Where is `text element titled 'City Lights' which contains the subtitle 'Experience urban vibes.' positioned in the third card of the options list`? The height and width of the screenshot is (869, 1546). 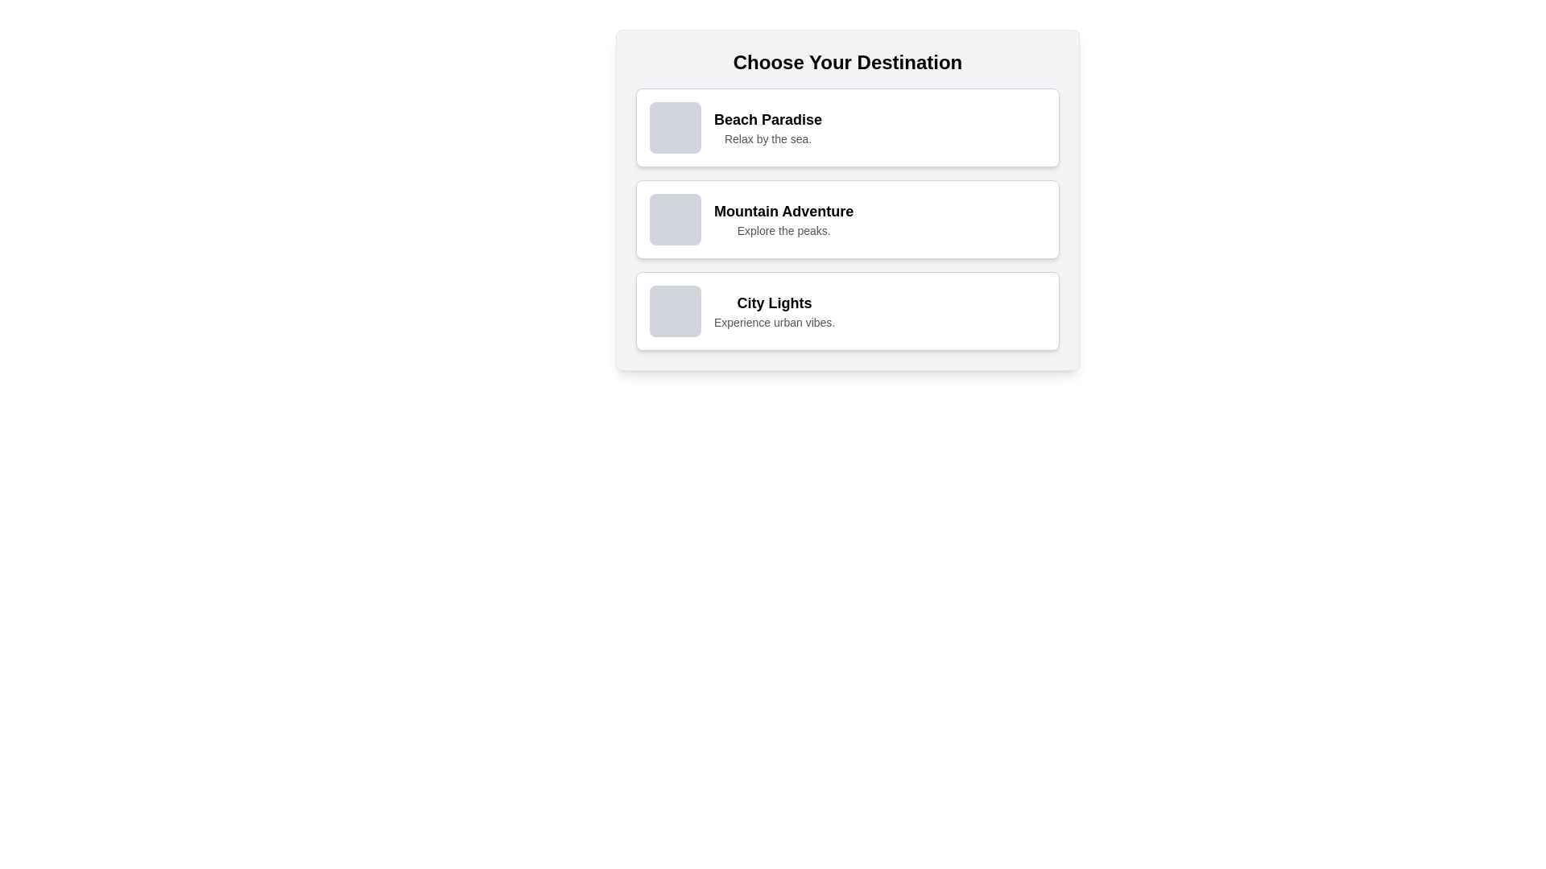 text element titled 'City Lights' which contains the subtitle 'Experience urban vibes.' positioned in the third card of the options list is located at coordinates (775, 311).